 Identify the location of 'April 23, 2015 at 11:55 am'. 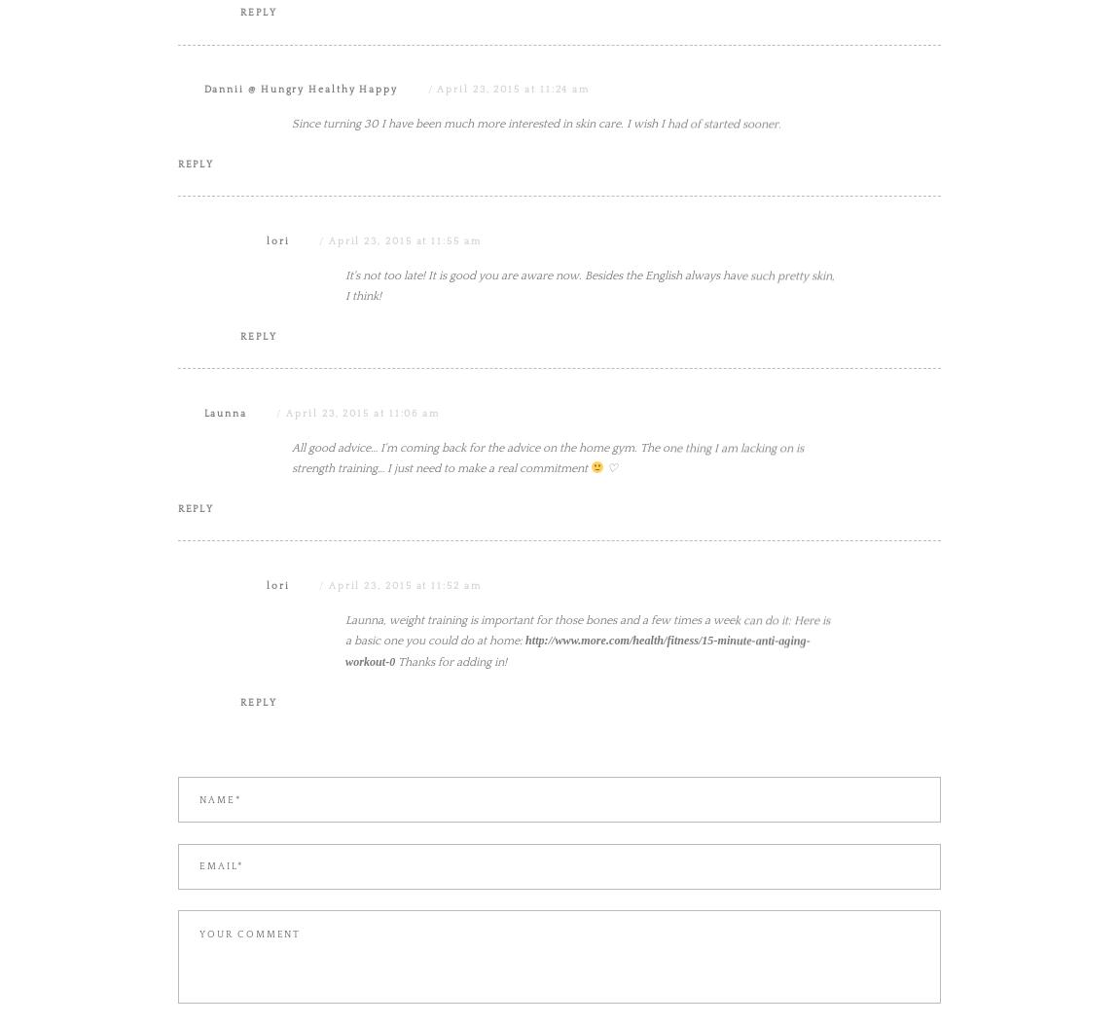
(404, 437).